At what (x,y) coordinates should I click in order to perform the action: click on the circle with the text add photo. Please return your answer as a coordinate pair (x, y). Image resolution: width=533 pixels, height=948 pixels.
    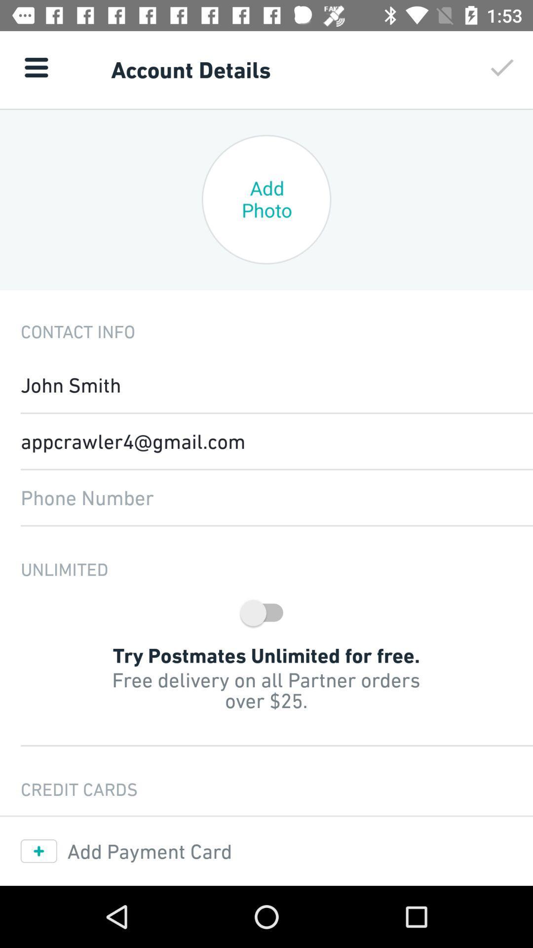
    Looking at the image, I should click on (266, 199).